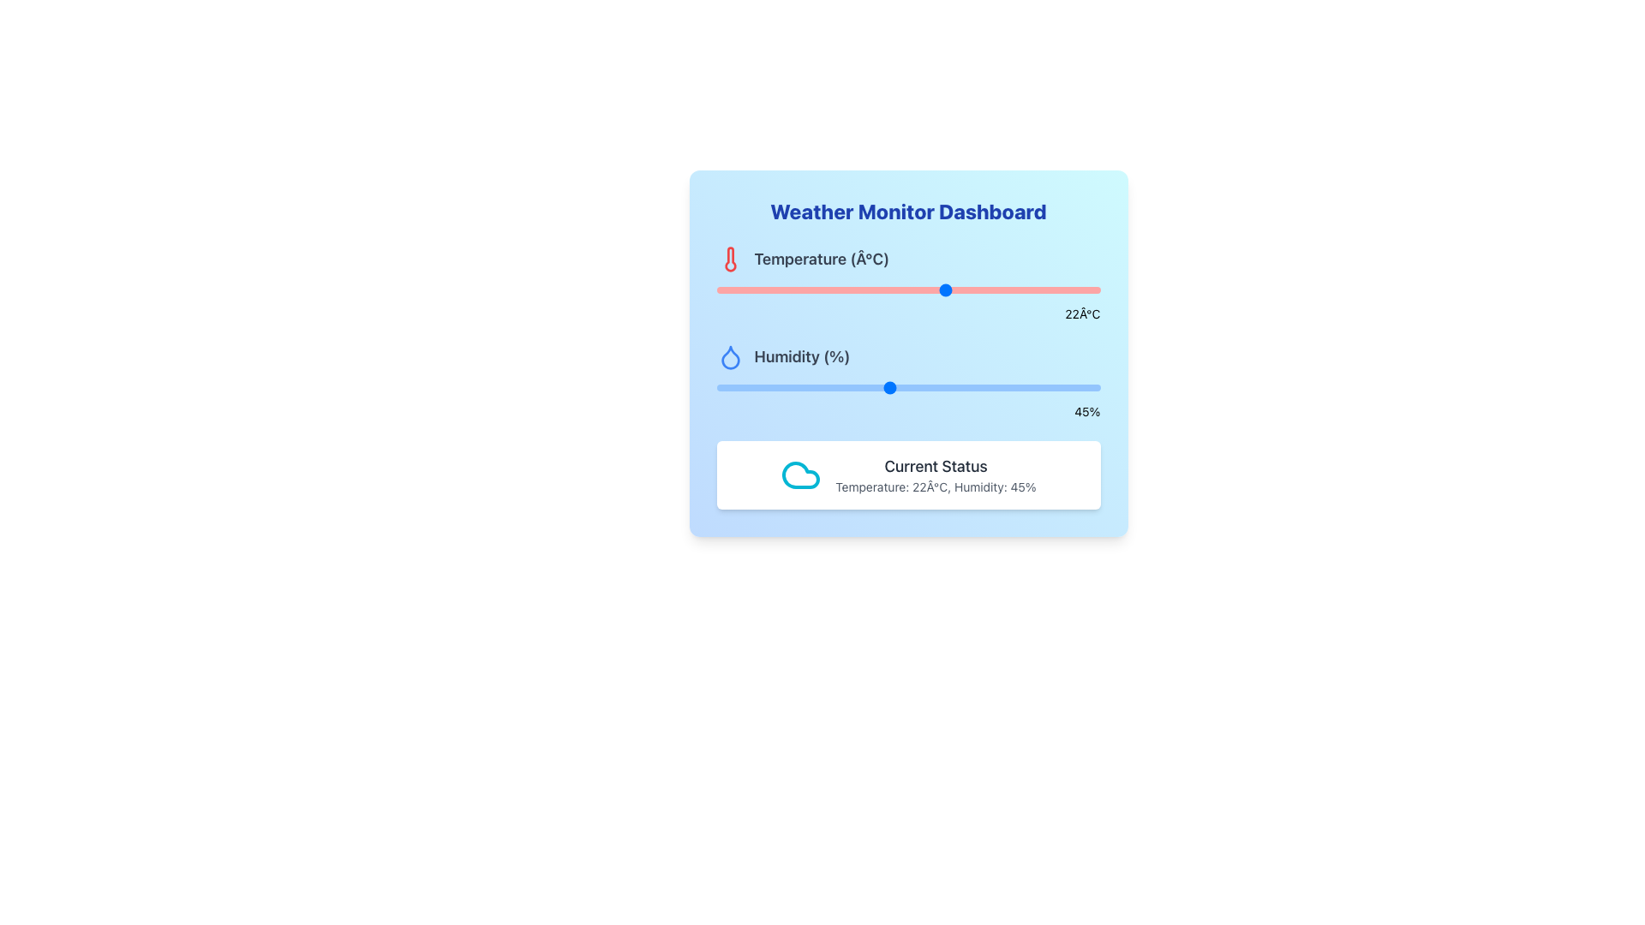 The image size is (1645, 925). Describe the element at coordinates (935, 475) in the screenshot. I see `the textual display component that shows 'Current Status' and 'Temperature: 22Â°C, Humidity: 45%'` at that location.